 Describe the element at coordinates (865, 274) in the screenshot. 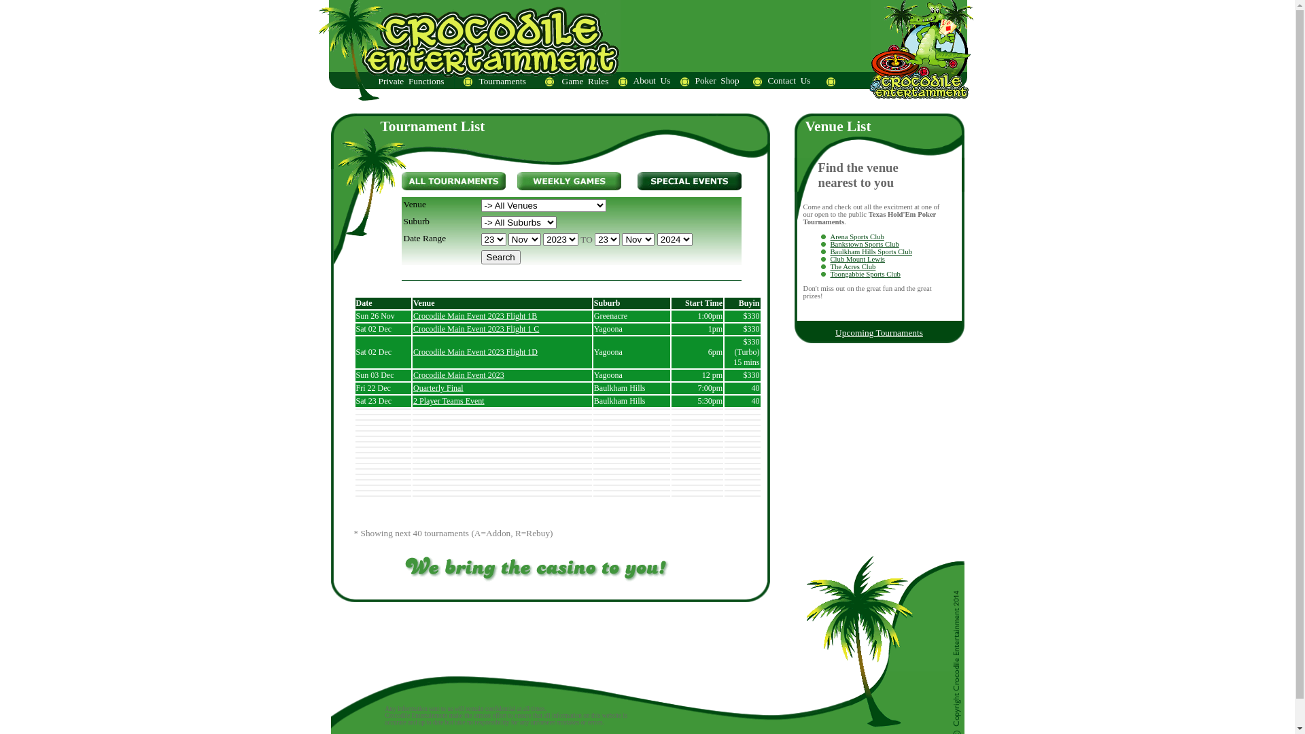

I see `'Toongabbie Sports Club'` at that location.